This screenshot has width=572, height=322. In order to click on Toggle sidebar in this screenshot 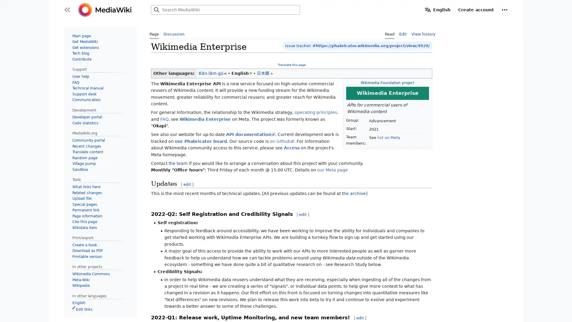, I will do `click(67, 10)`.